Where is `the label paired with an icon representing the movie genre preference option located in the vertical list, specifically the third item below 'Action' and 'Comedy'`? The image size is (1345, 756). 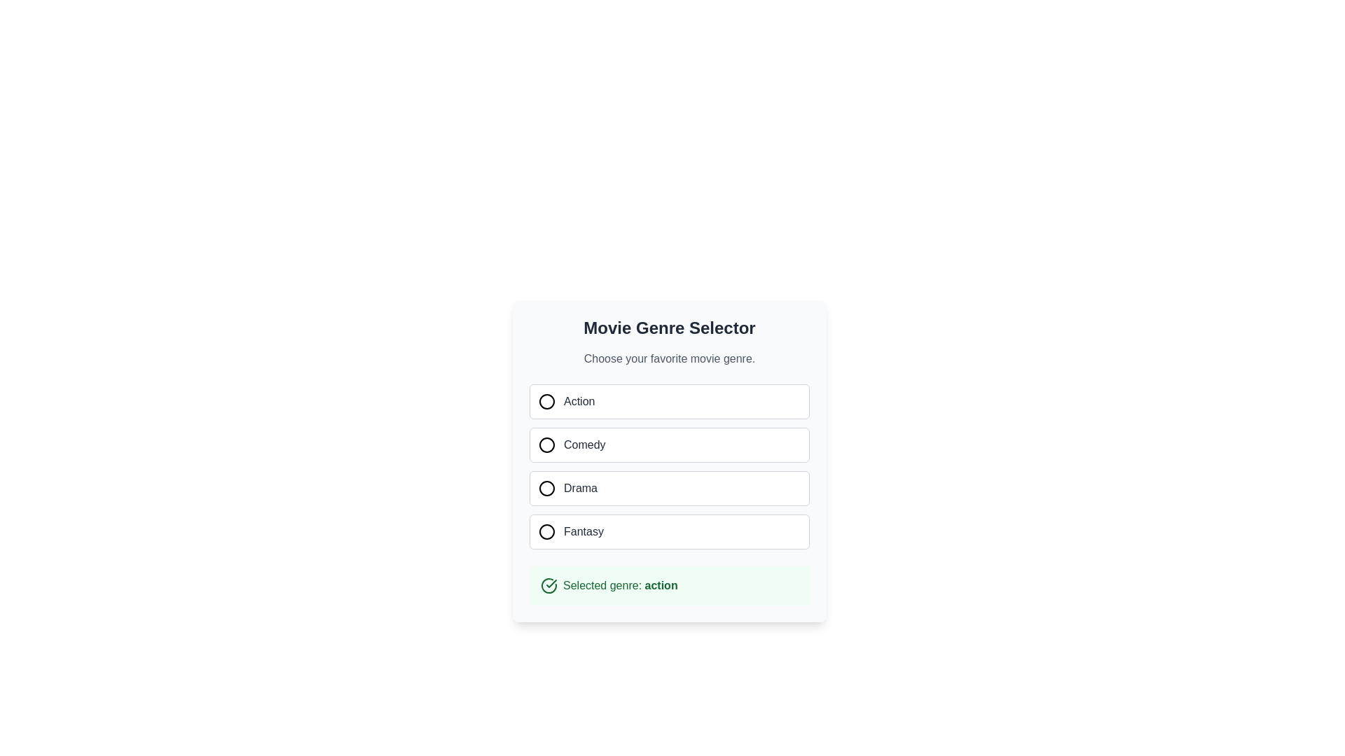 the label paired with an icon representing the movie genre preference option located in the vertical list, specifically the third item below 'Action' and 'Comedy' is located at coordinates (568, 488).